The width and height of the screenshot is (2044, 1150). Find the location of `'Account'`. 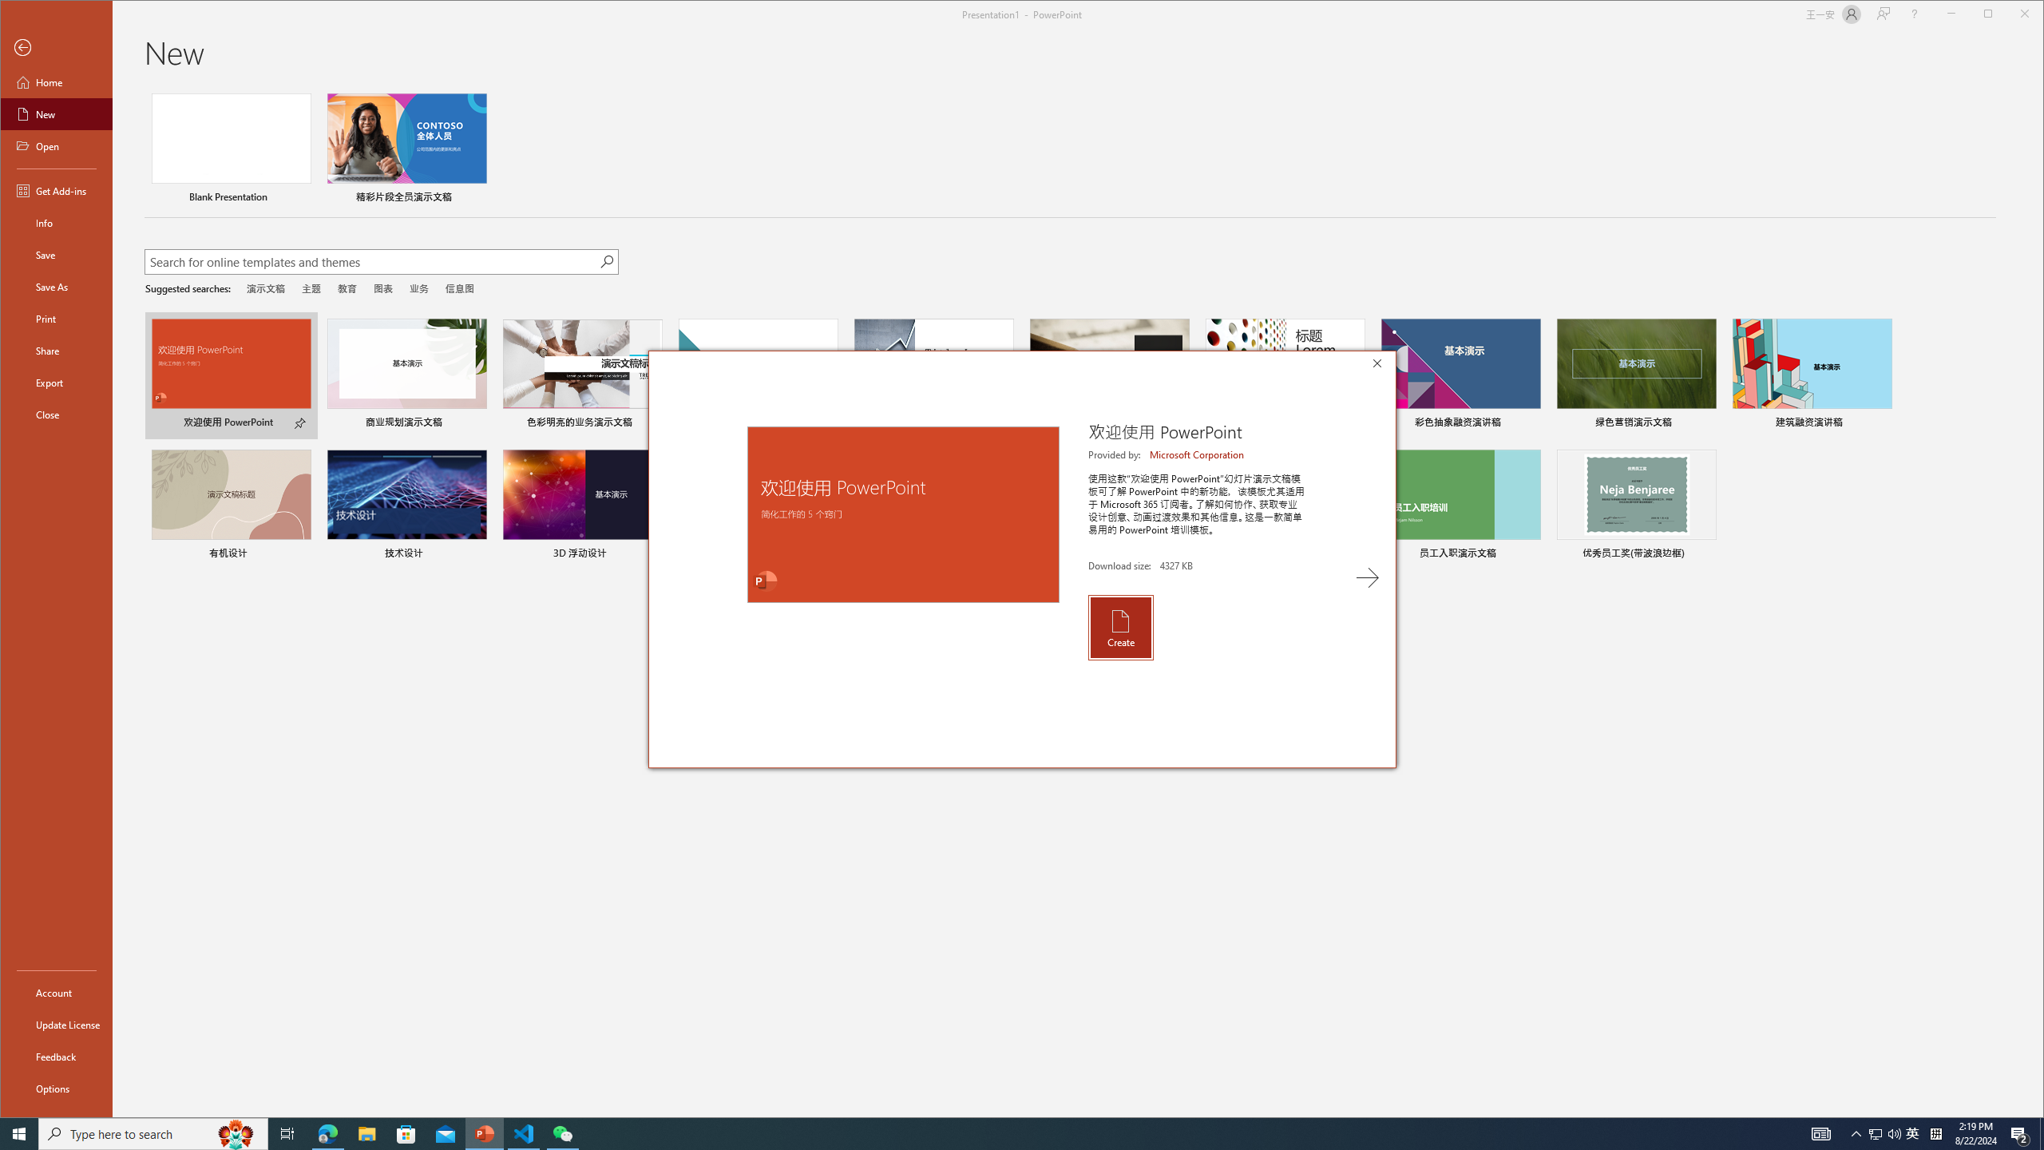

'Account' is located at coordinates (55, 991).